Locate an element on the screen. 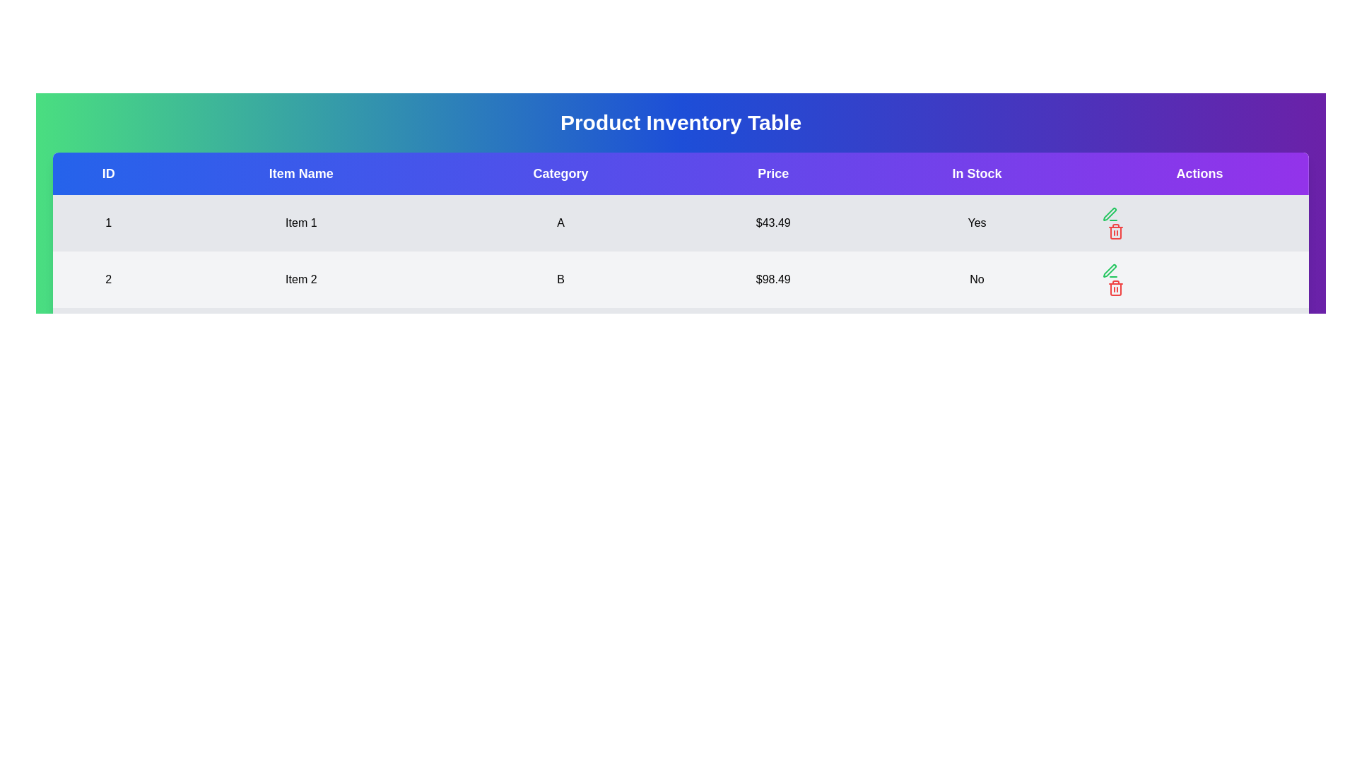  the header labeled ID to sort or filter the table by that column is located at coordinates (107, 173).